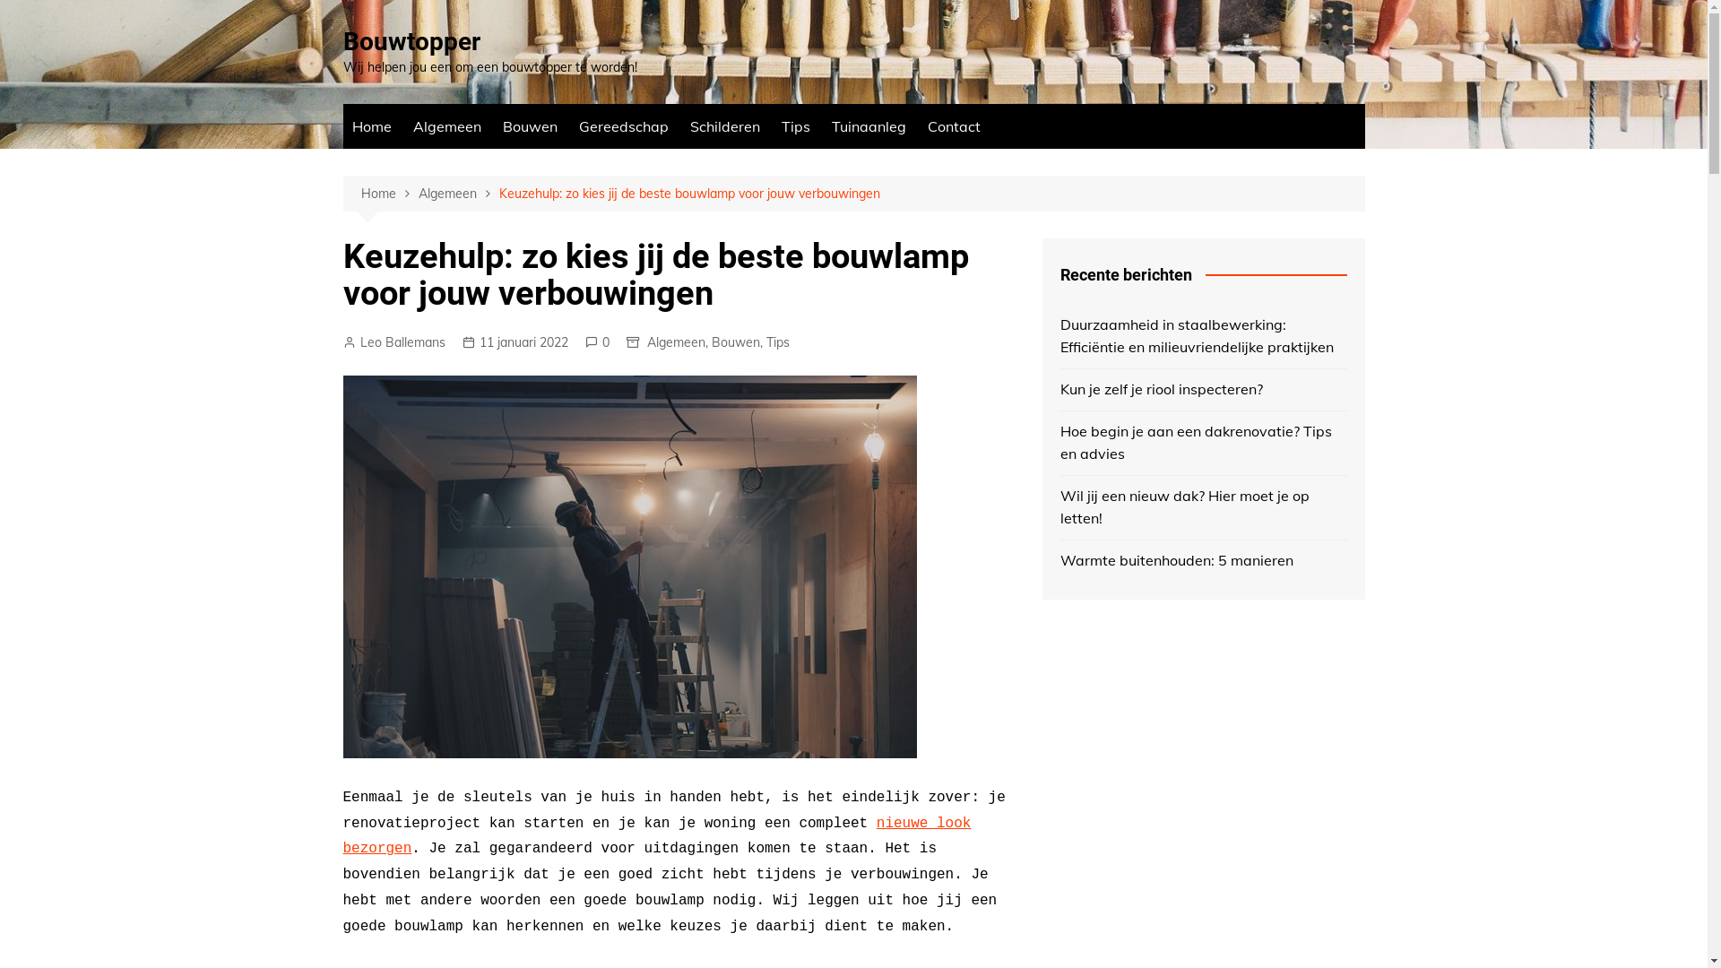 The image size is (1721, 968). I want to click on 'Wil jij een nieuw dak? Hier moet je op letten!', so click(1203, 507).